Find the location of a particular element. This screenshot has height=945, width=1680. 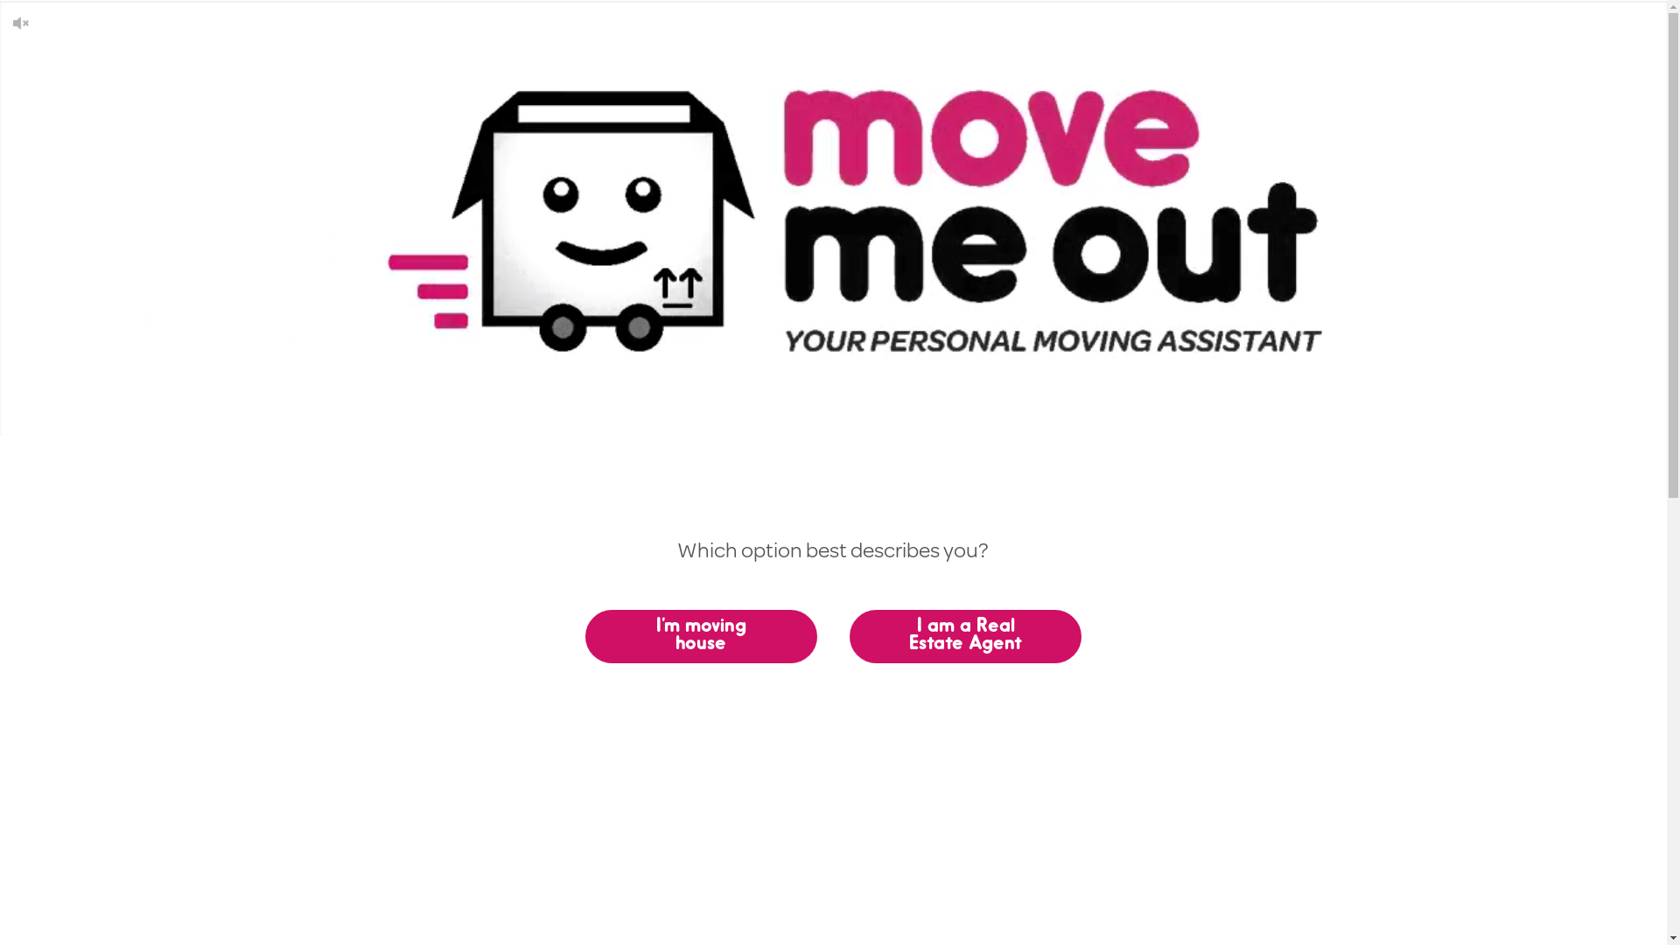

'I am a Real is located at coordinates (964, 636).